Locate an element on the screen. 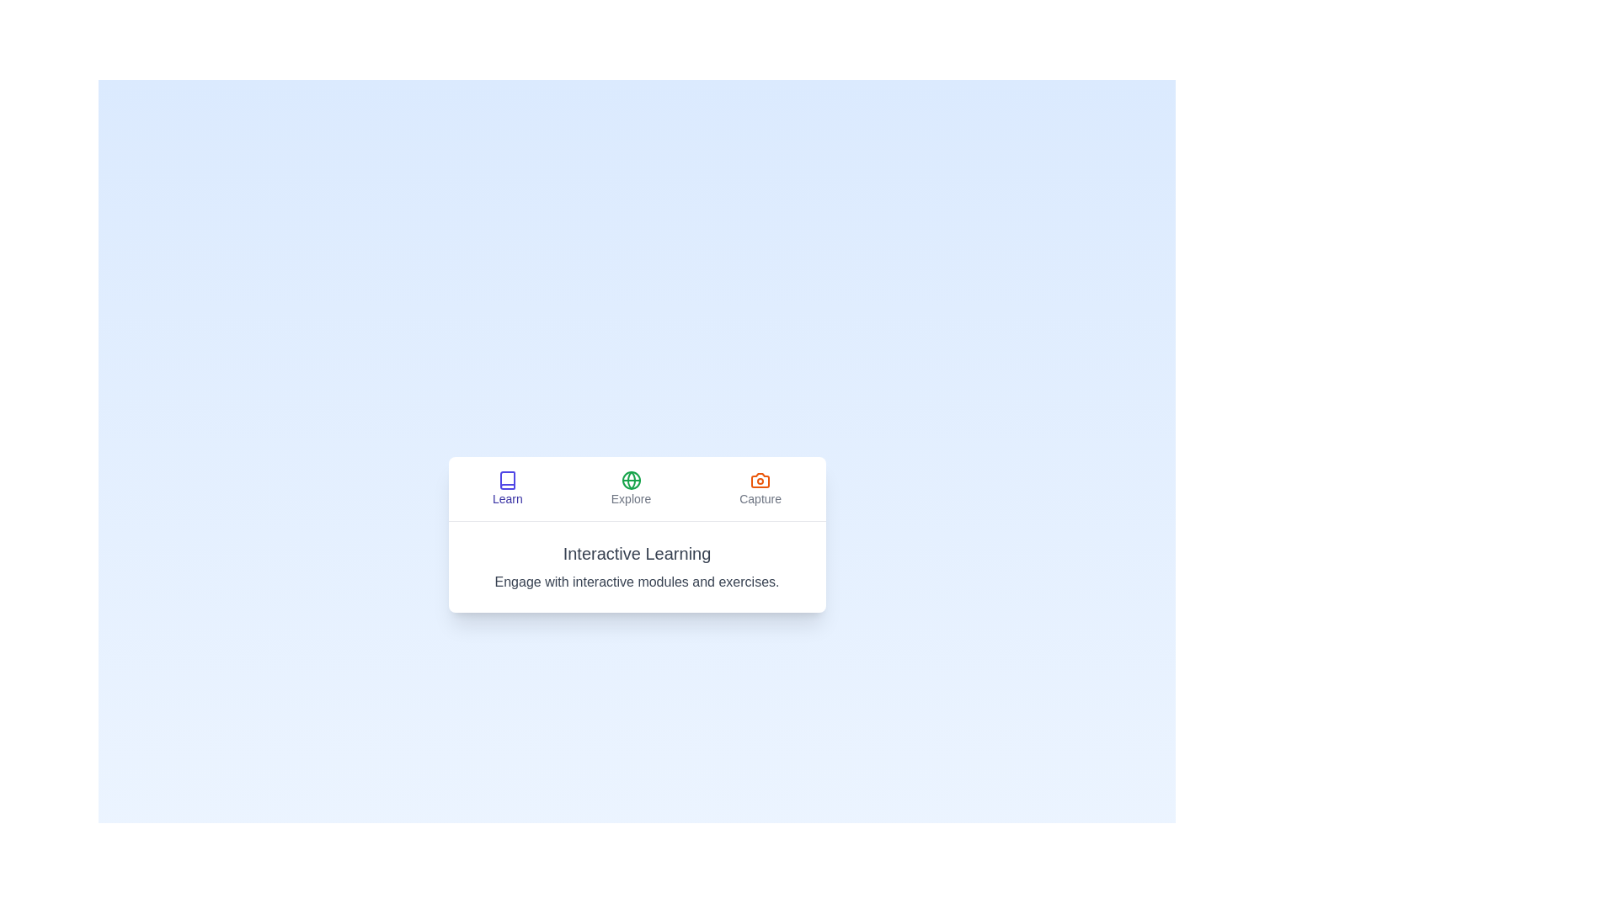 The image size is (1617, 909). the tab labeled Capture is located at coordinates (760, 488).